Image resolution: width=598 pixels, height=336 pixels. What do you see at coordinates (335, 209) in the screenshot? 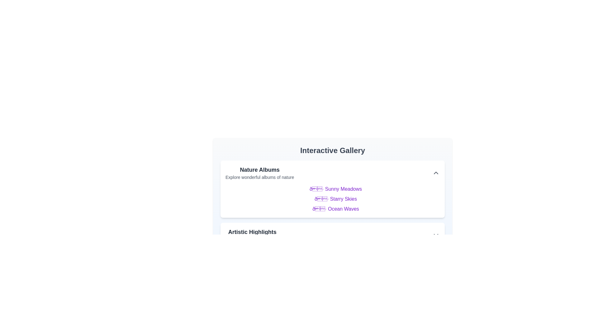
I see `the text of Ocean Waves for copying` at bounding box center [335, 209].